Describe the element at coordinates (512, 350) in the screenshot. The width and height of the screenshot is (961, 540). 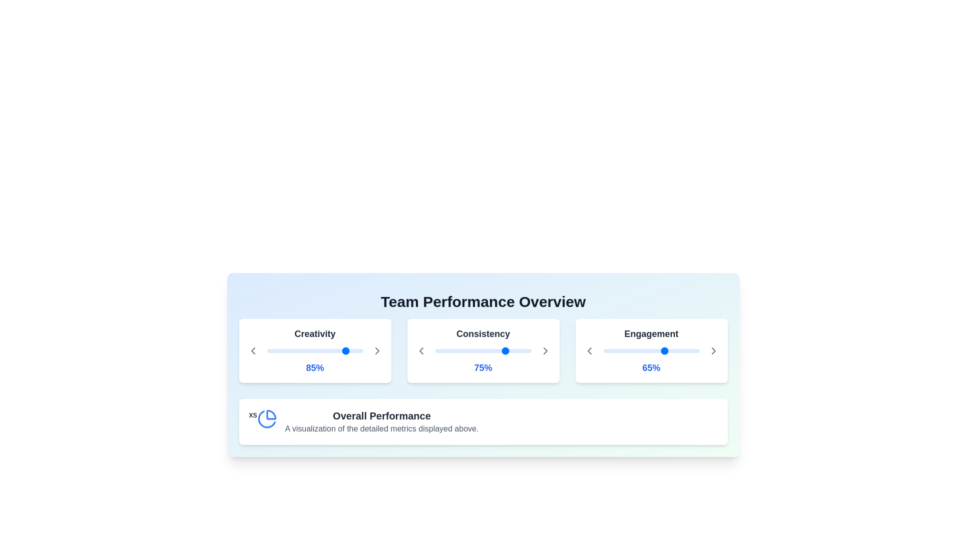
I see `the consistency score` at that location.